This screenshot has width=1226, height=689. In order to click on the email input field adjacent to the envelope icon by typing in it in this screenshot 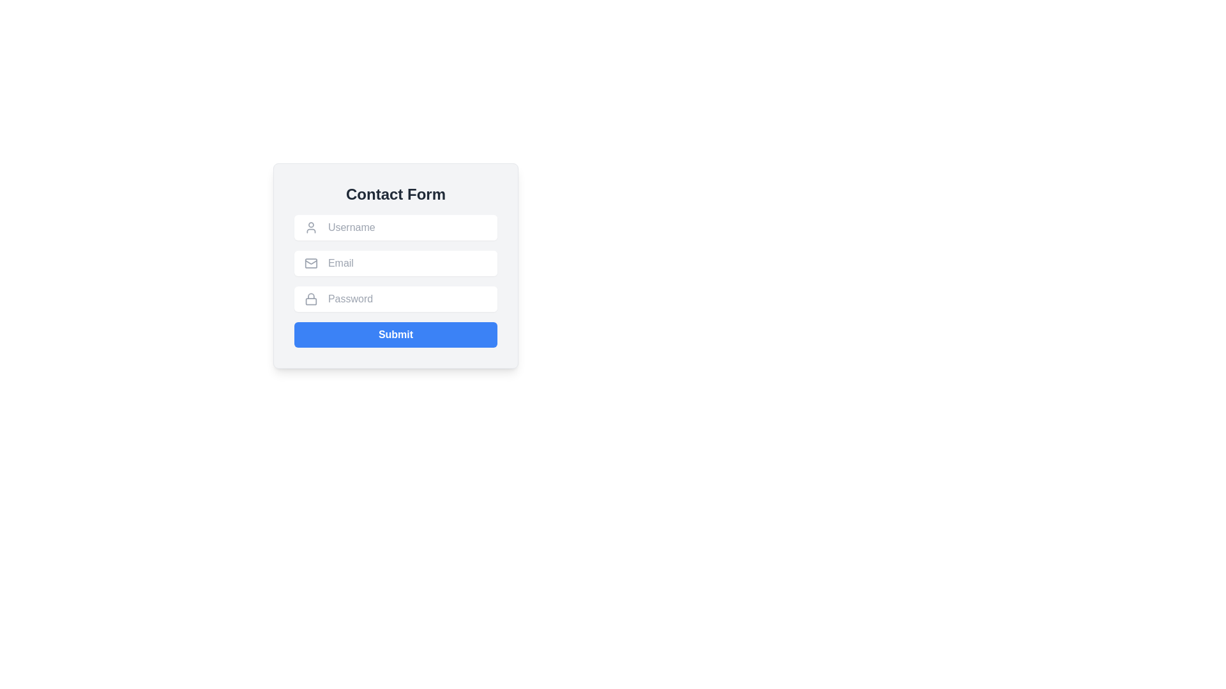, I will do `click(311, 262)`.